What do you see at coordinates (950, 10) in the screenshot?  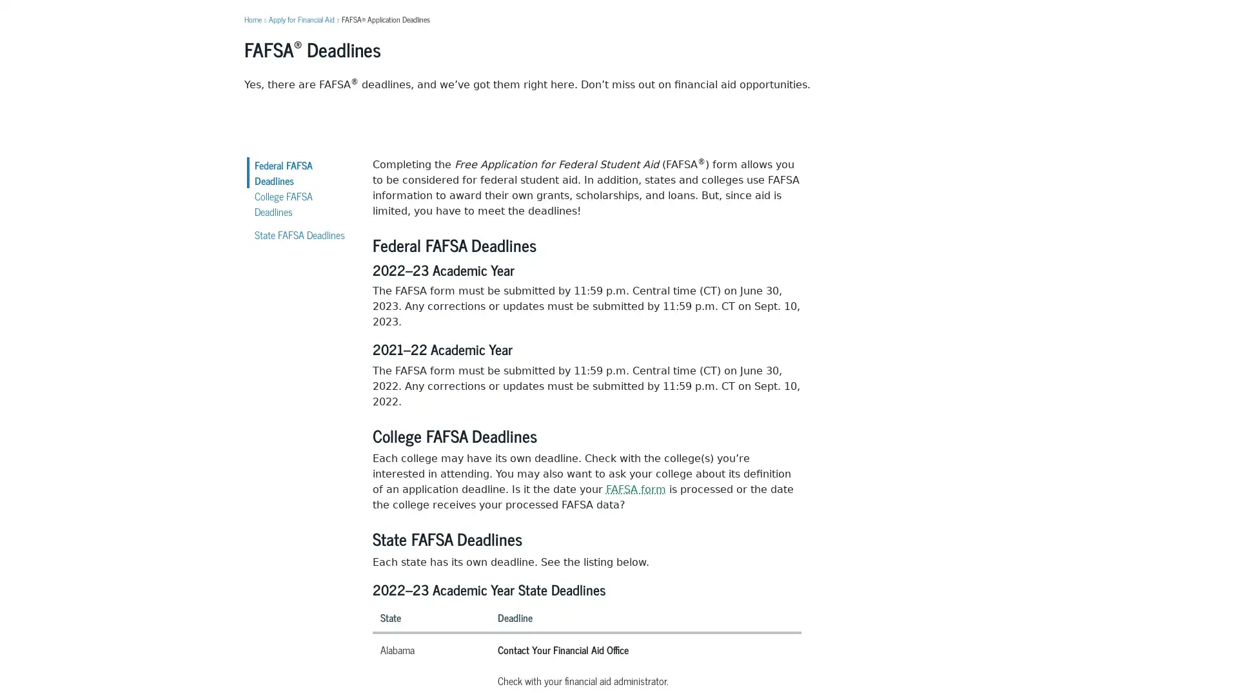 I see `English |` at bounding box center [950, 10].